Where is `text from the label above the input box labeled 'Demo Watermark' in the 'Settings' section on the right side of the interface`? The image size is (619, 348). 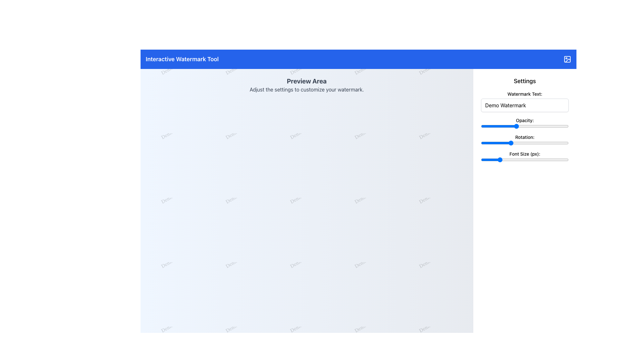 text from the label above the input box labeled 'Demo Watermark' in the 'Settings' section on the right side of the interface is located at coordinates (525, 94).